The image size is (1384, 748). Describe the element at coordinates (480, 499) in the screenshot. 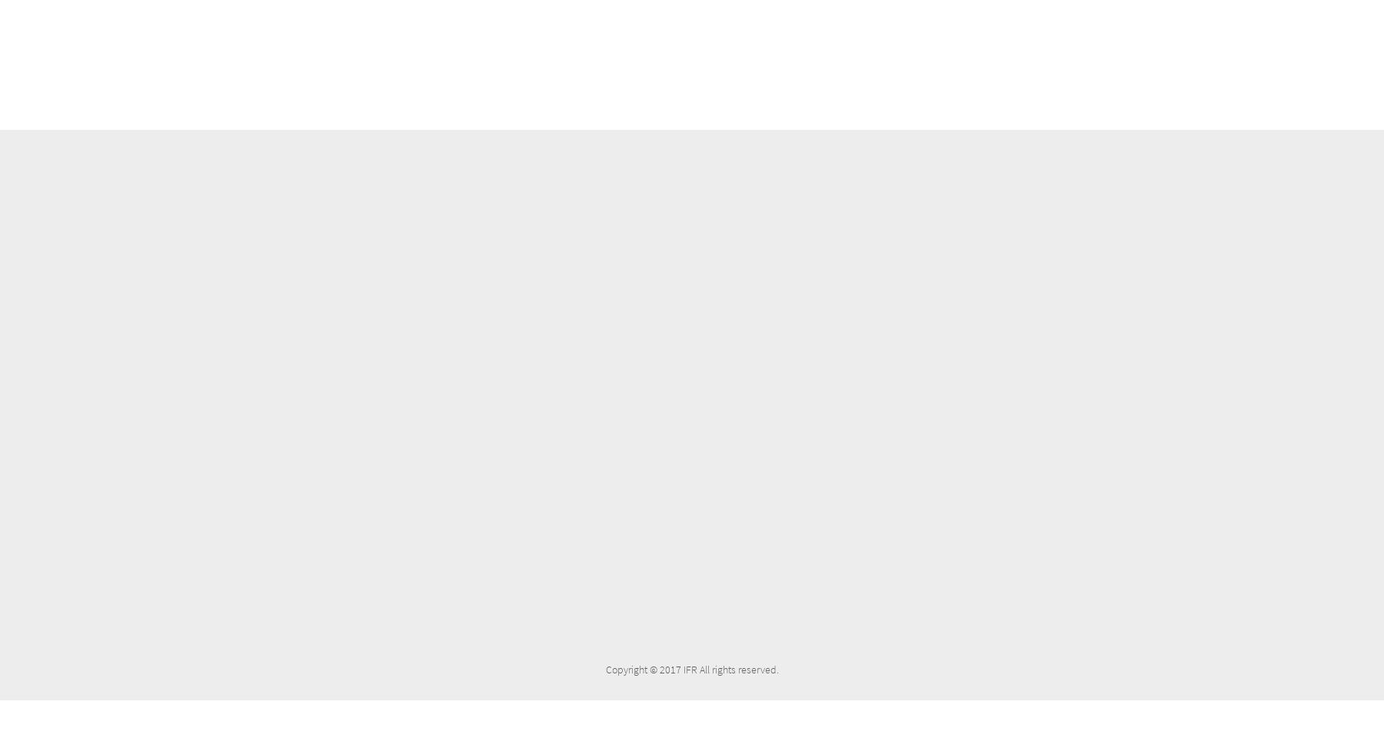

I see `'How the cloud levels the playing field for small and midsize businesses.'` at that location.